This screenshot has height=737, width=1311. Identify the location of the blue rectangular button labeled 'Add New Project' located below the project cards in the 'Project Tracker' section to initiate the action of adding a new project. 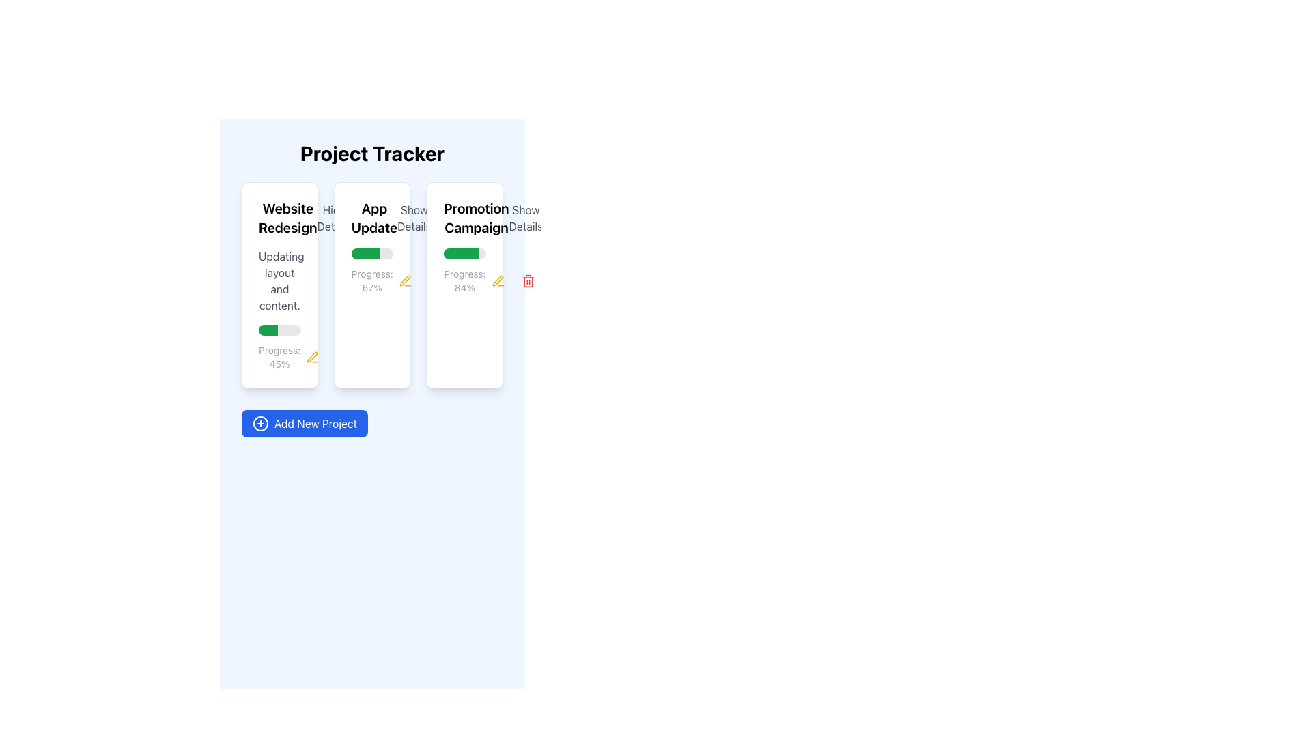
(304, 423).